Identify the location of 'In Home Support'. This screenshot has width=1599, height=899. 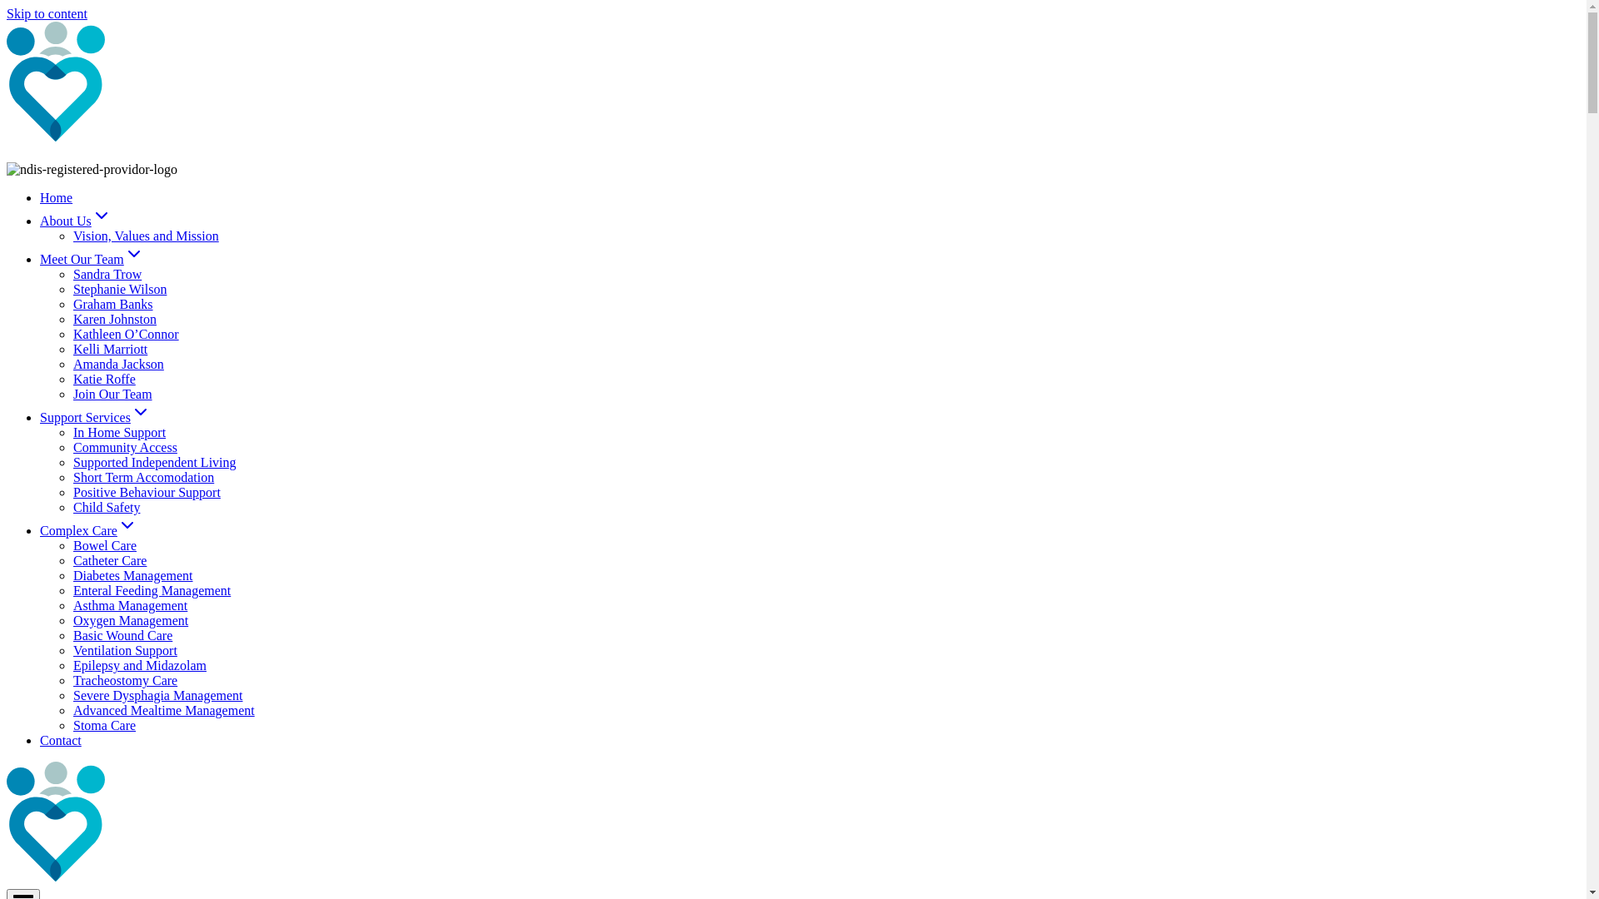
(118, 431).